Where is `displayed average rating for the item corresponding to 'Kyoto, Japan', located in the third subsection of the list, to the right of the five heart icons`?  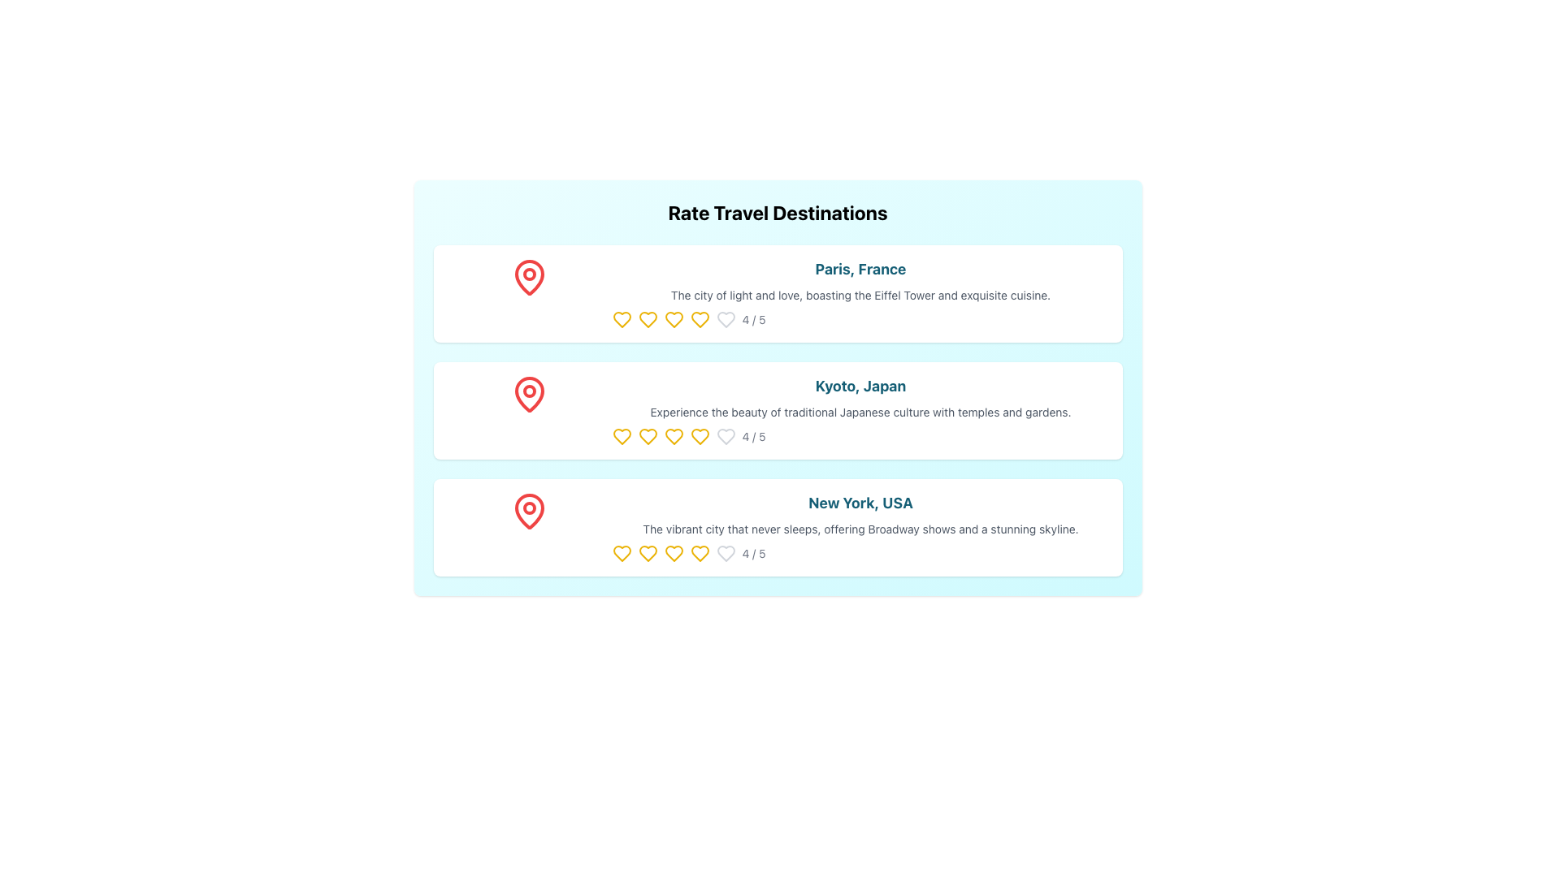 displayed average rating for the item corresponding to 'Kyoto, Japan', located in the third subsection of the list, to the right of the five heart icons is located at coordinates (860, 435).